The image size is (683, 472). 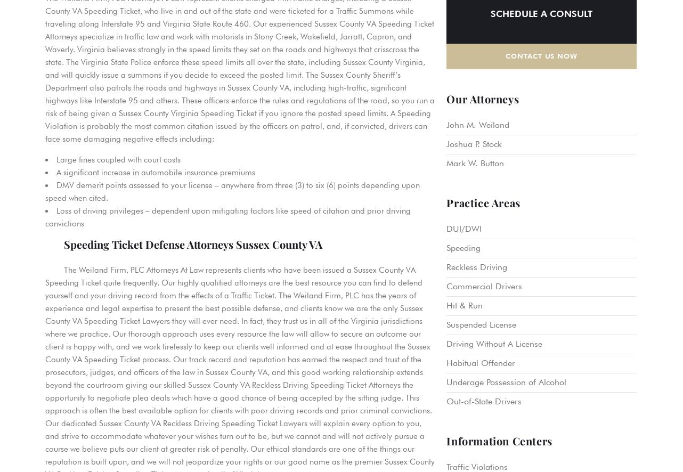 What do you see at coordinates (482, 98) in the screenshot?
I see `'Our Attorneys'` at bounding box center [482, 98].